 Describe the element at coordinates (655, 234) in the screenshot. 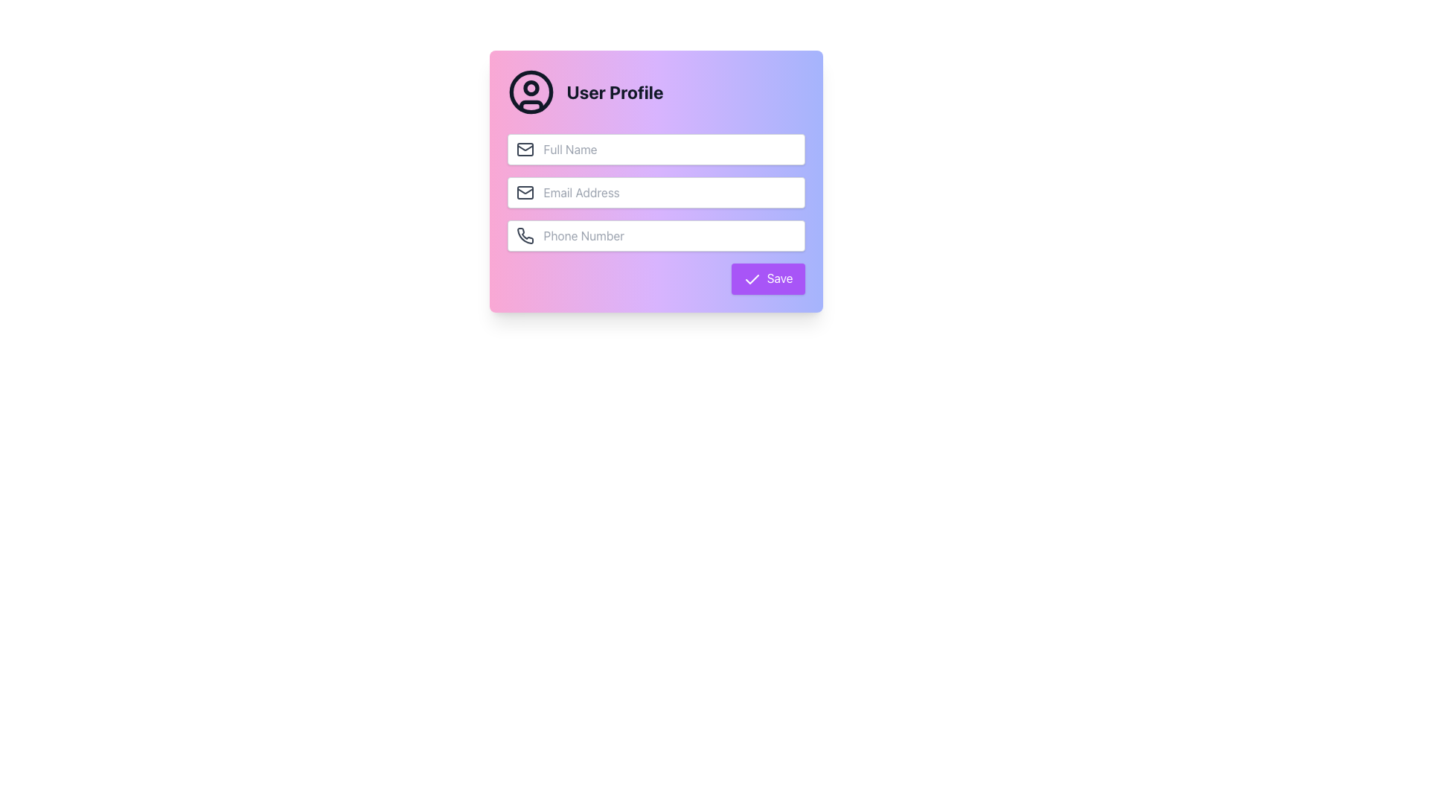

I see `the Phone Number input field to focus on it, which is the third input field in the form, located below the Email Address field and above the Save button` at that location.